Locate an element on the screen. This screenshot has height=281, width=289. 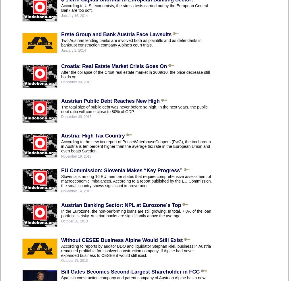
'In the Eurozone, the non-performing loans are still growing. In total, 7.8% of the loan portfolio is risky. Austrian banks are significantly above the average.' is located at coordinates (136, 213).